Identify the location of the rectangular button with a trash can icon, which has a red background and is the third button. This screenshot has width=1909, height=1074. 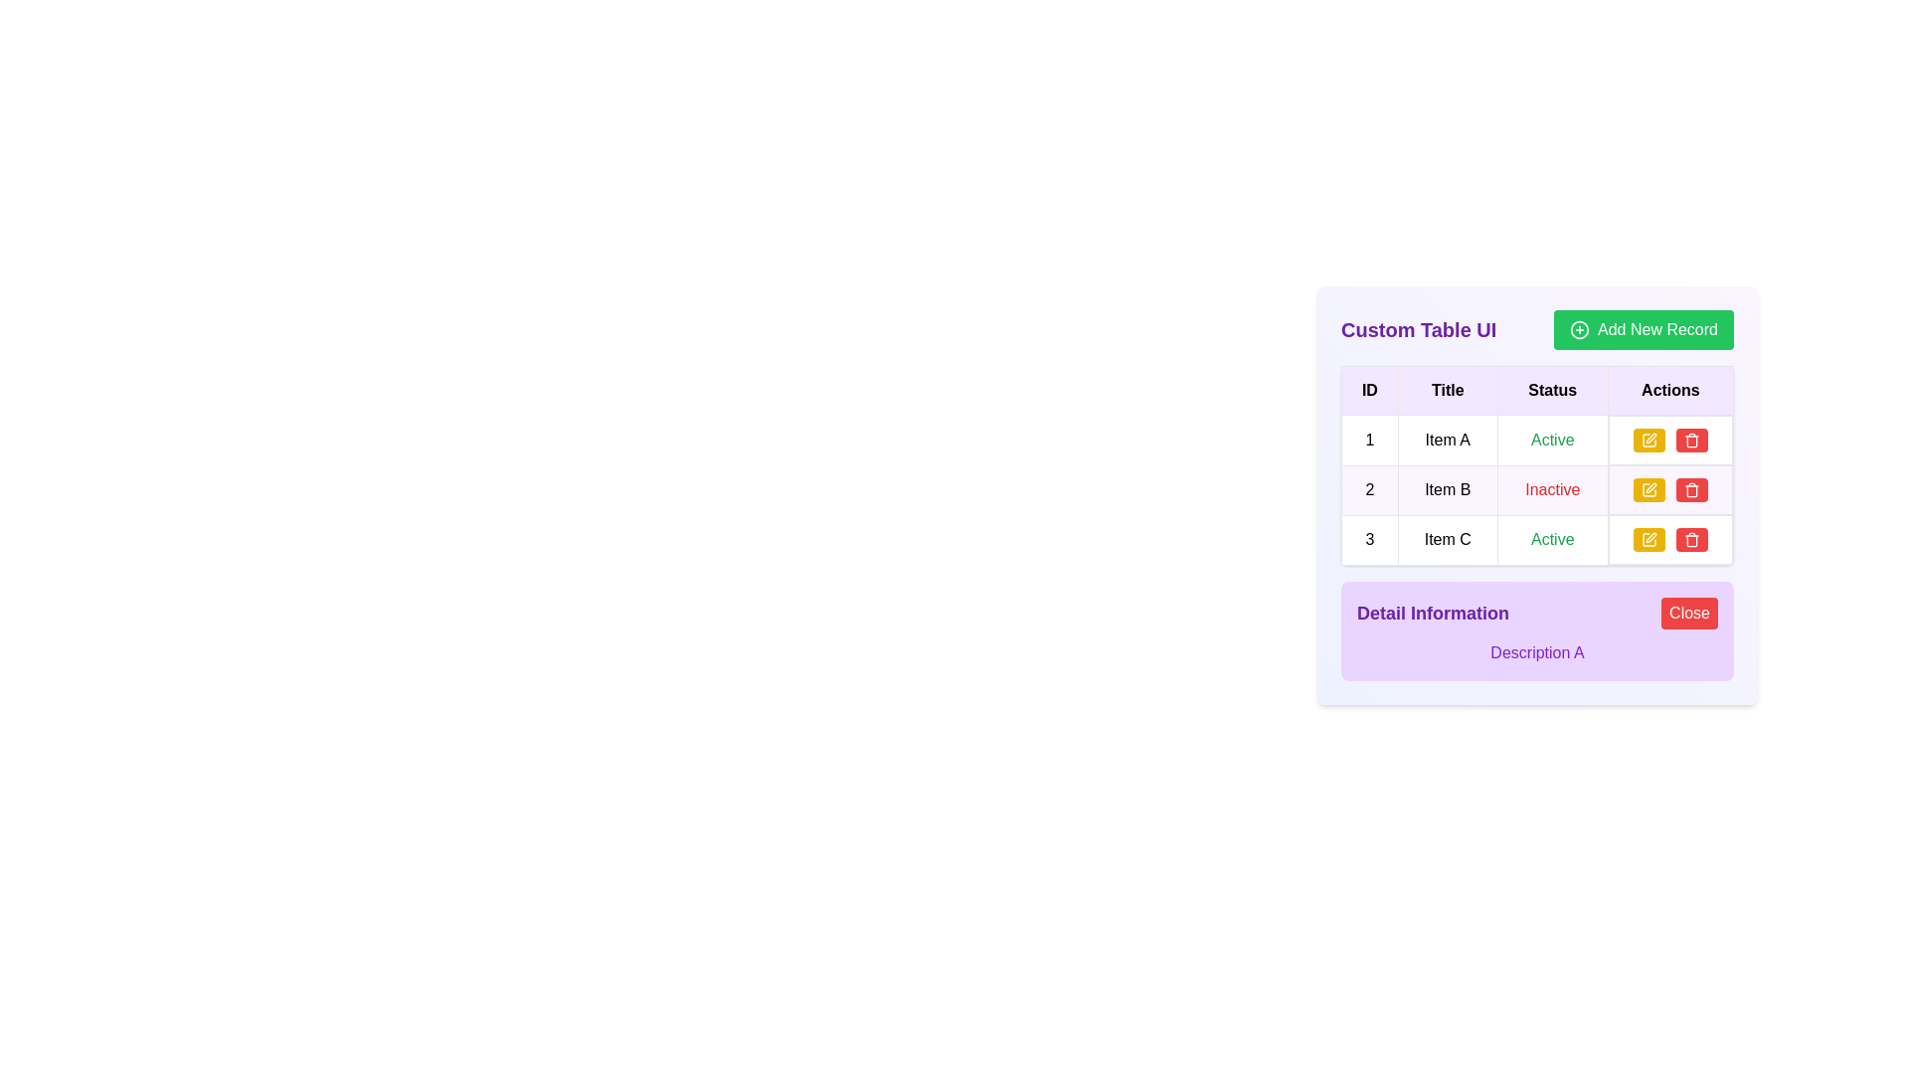
(1691, 540).